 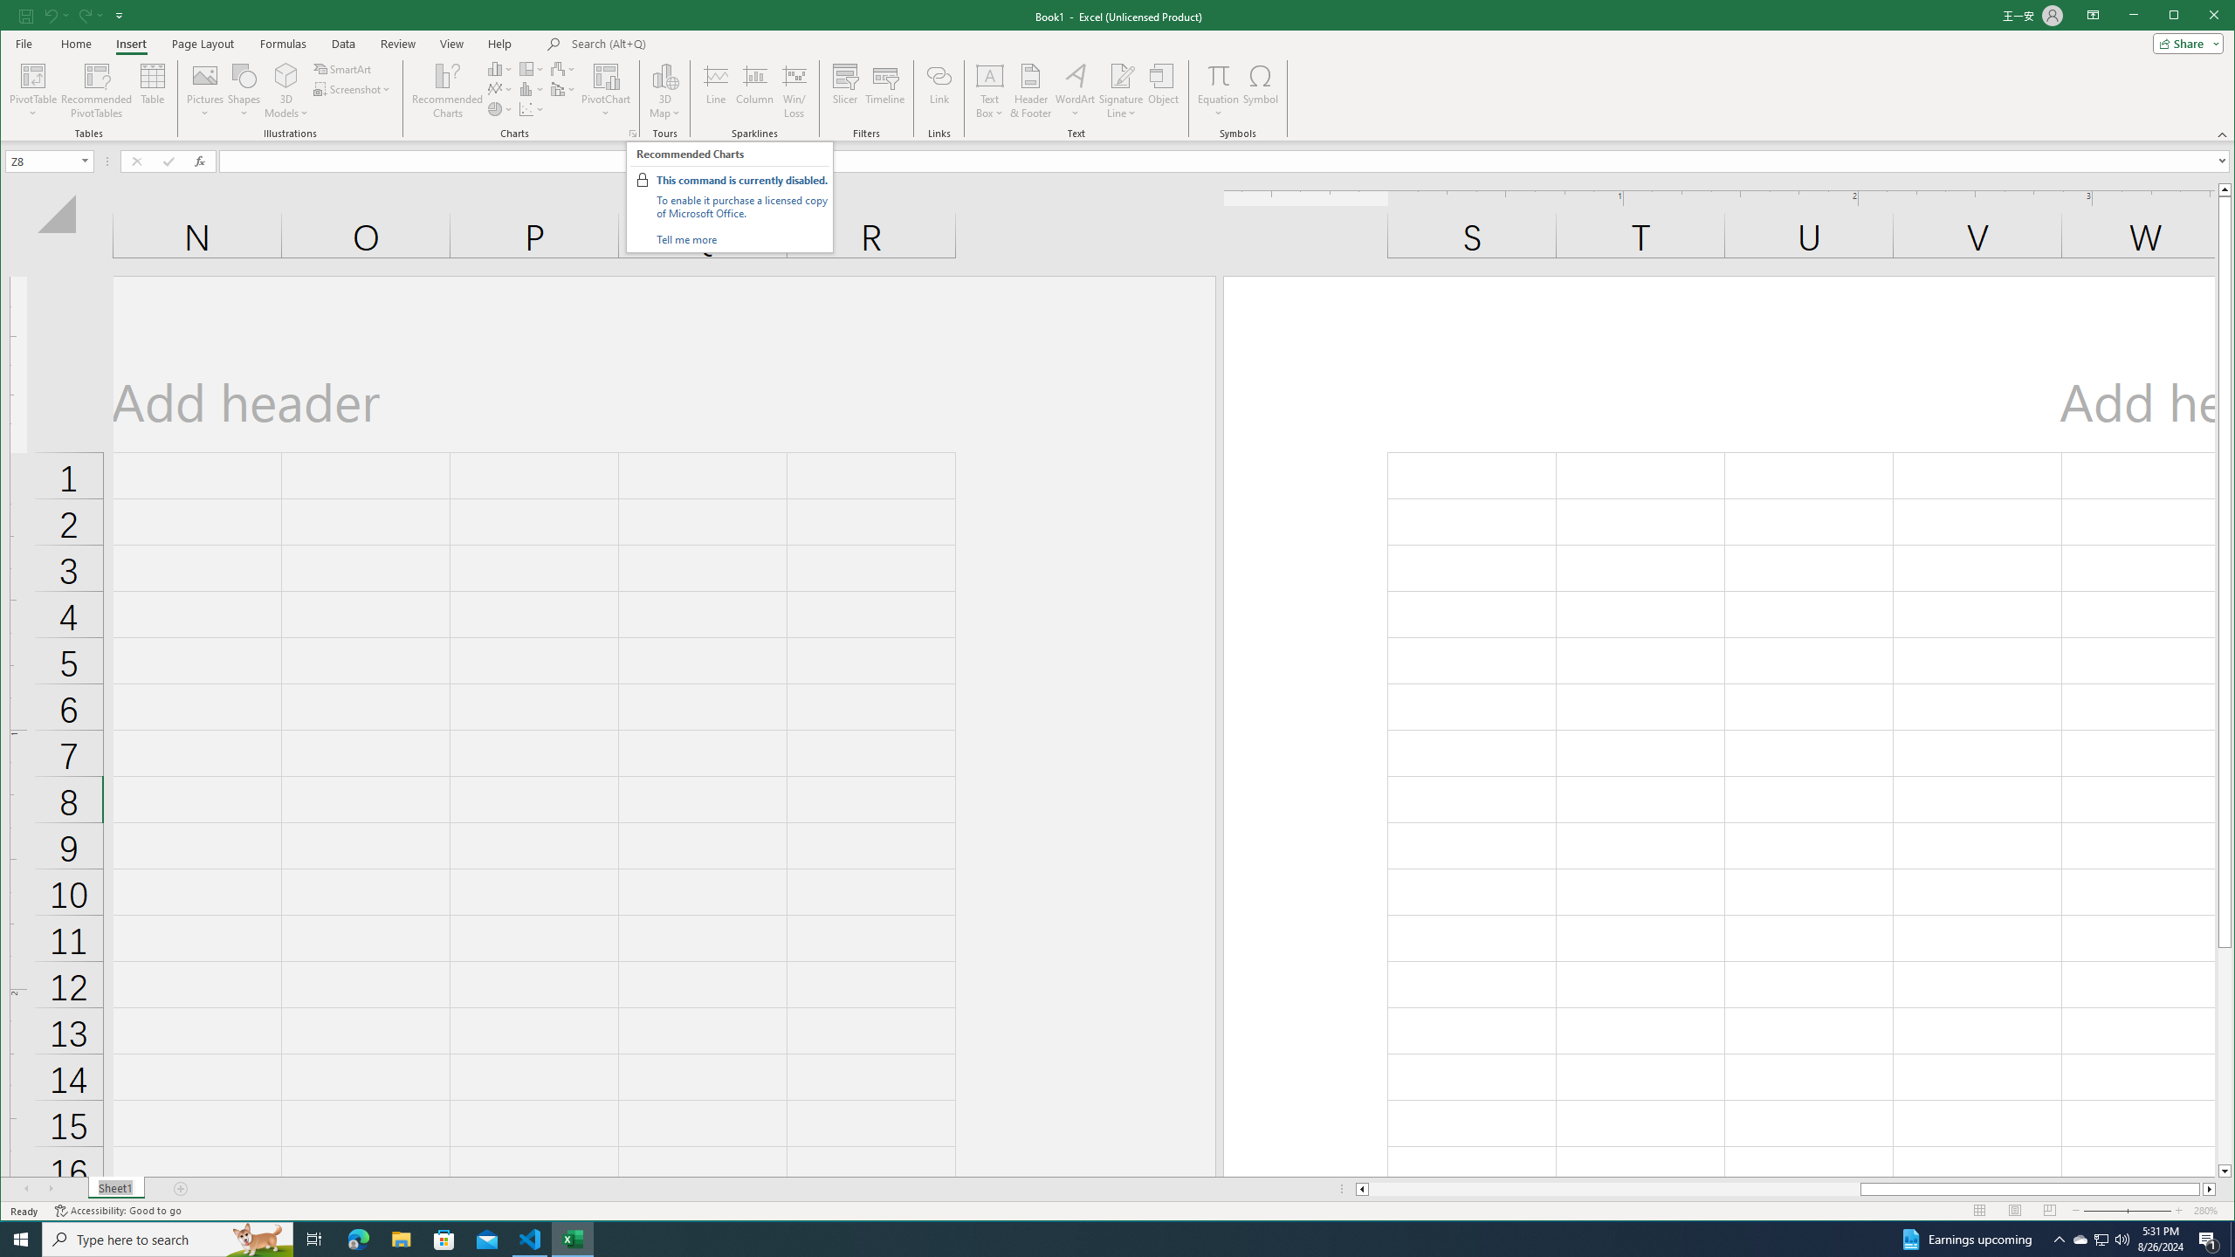 What do you see at coordinates (740, 180) in the screenshot?
I see `'This command is currently disabled.'` at bounding box center [740, 180].